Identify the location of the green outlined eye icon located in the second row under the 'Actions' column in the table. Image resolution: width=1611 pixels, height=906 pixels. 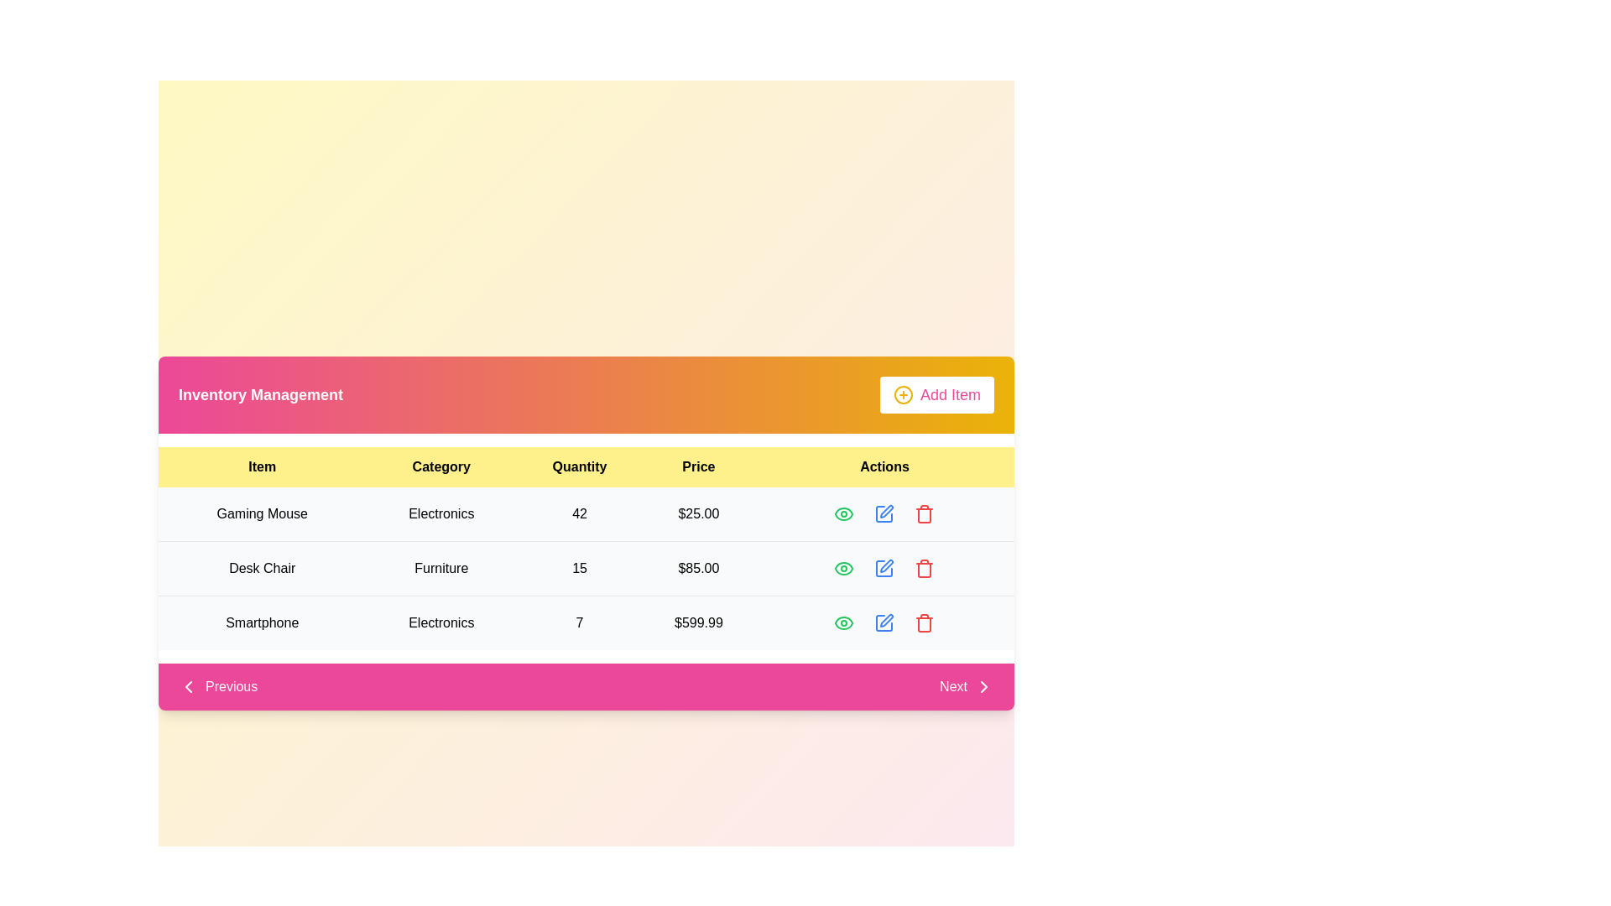
(844, 568).